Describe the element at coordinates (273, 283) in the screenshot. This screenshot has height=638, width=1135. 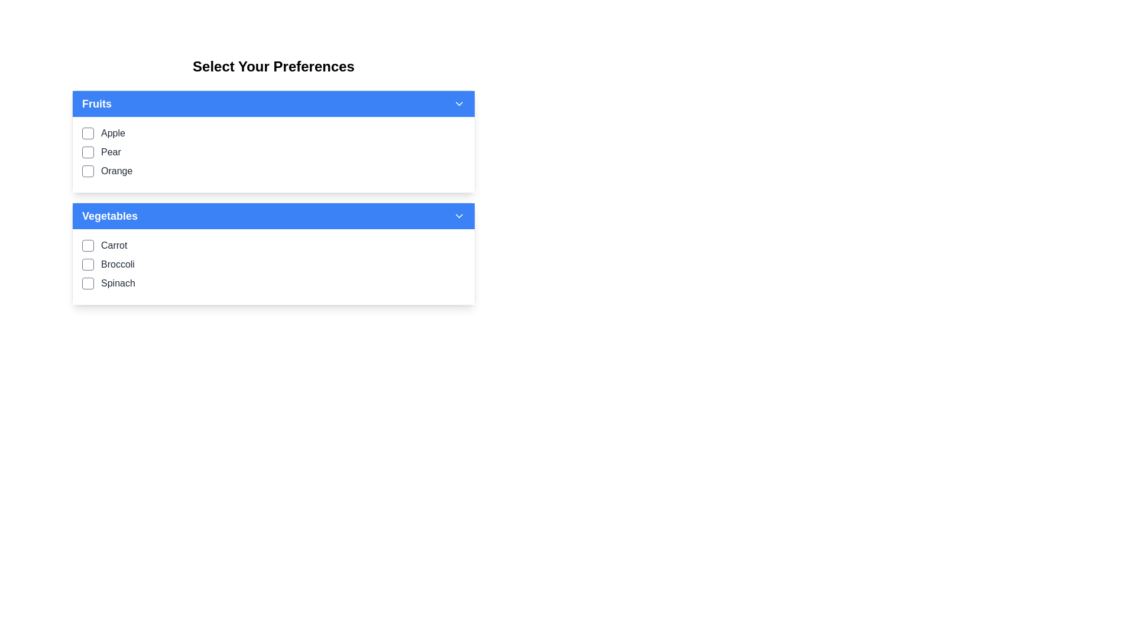
I see `the 'Spinach' checkbox located` at that location.